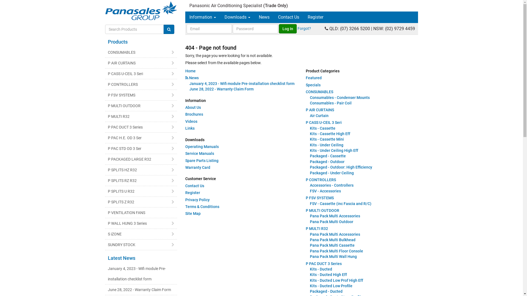 Image resolution: width=527 pixels, height=296 pixels. I want to click on 'Air Curtain', so click(319, 115).